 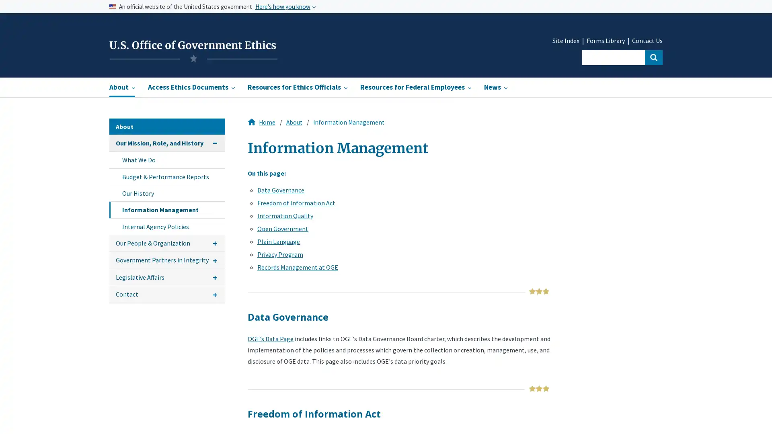 What do you see at coordinates (121, 87) in the screenshot?
I see `About` at bounding box center [121, 87].